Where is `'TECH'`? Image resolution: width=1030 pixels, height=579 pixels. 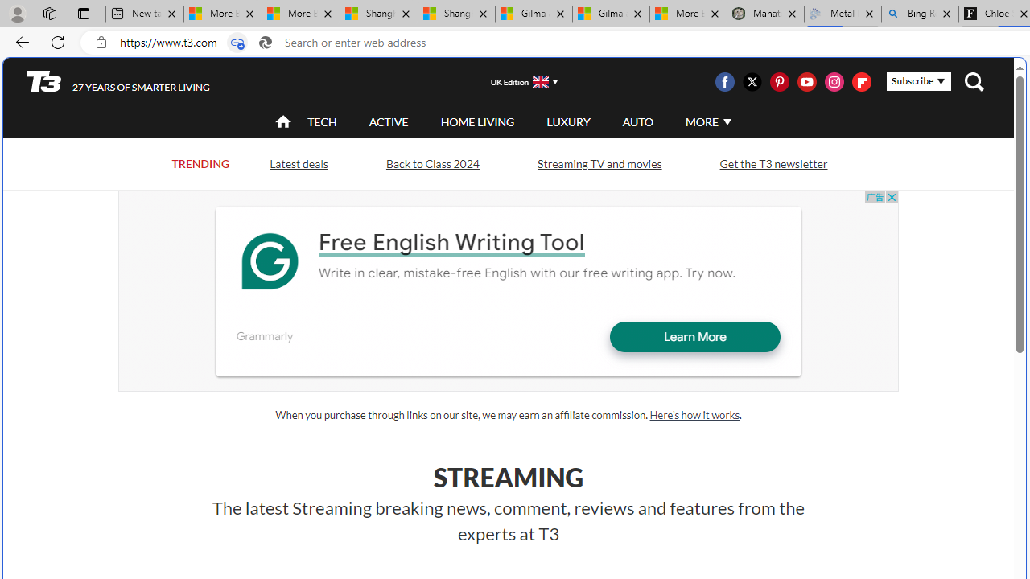 'TECH' is located at coordinates (322, 121).